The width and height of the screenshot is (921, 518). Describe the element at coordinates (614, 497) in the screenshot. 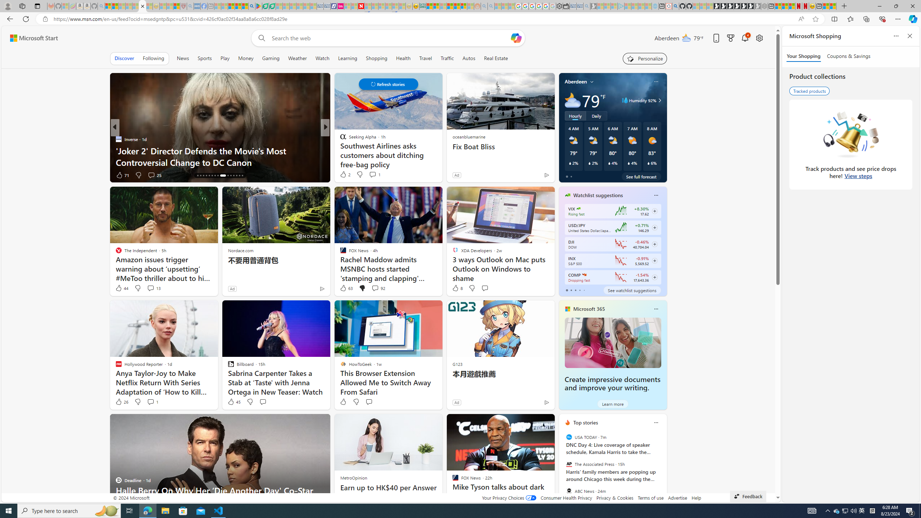

I see `'Privacy & Cookies'` at that location.